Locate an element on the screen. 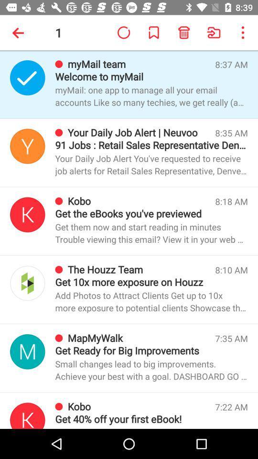 This screenshot has width=258, height=459. sender icon is located at coordinates (27, 77).